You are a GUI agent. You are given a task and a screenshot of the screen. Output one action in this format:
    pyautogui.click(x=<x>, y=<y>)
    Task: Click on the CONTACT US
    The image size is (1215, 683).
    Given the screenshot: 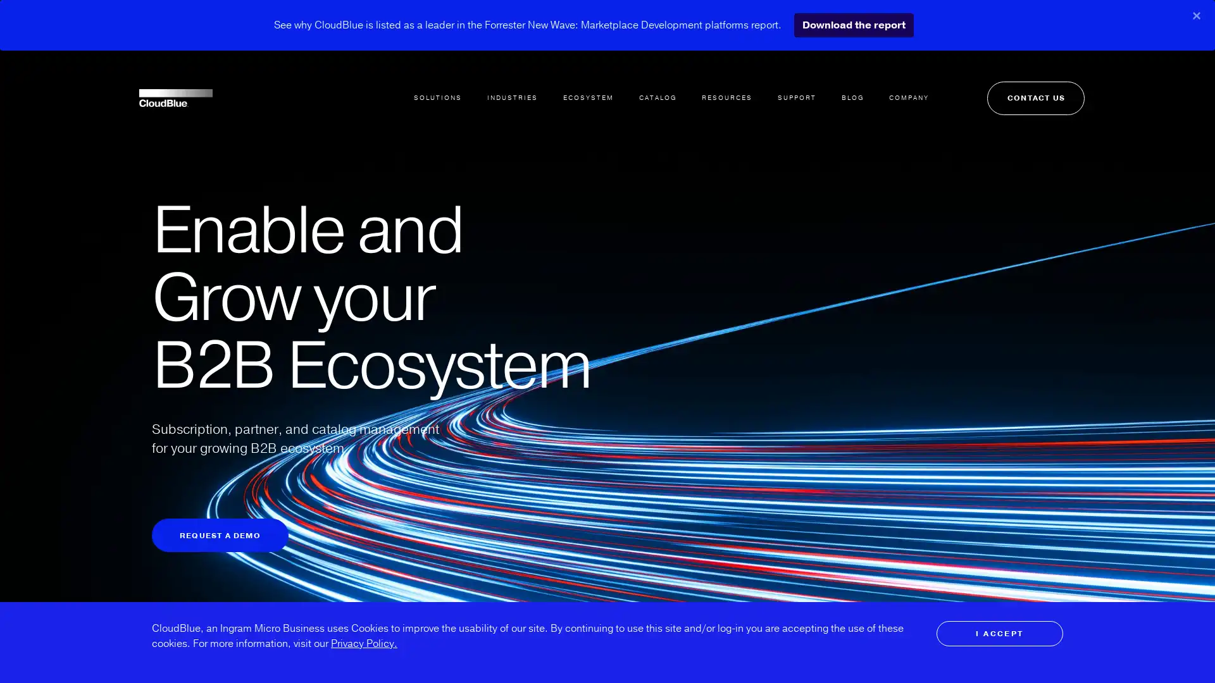 What is the action you would take?
    pyautogui.click(x=1014, y=81)
    